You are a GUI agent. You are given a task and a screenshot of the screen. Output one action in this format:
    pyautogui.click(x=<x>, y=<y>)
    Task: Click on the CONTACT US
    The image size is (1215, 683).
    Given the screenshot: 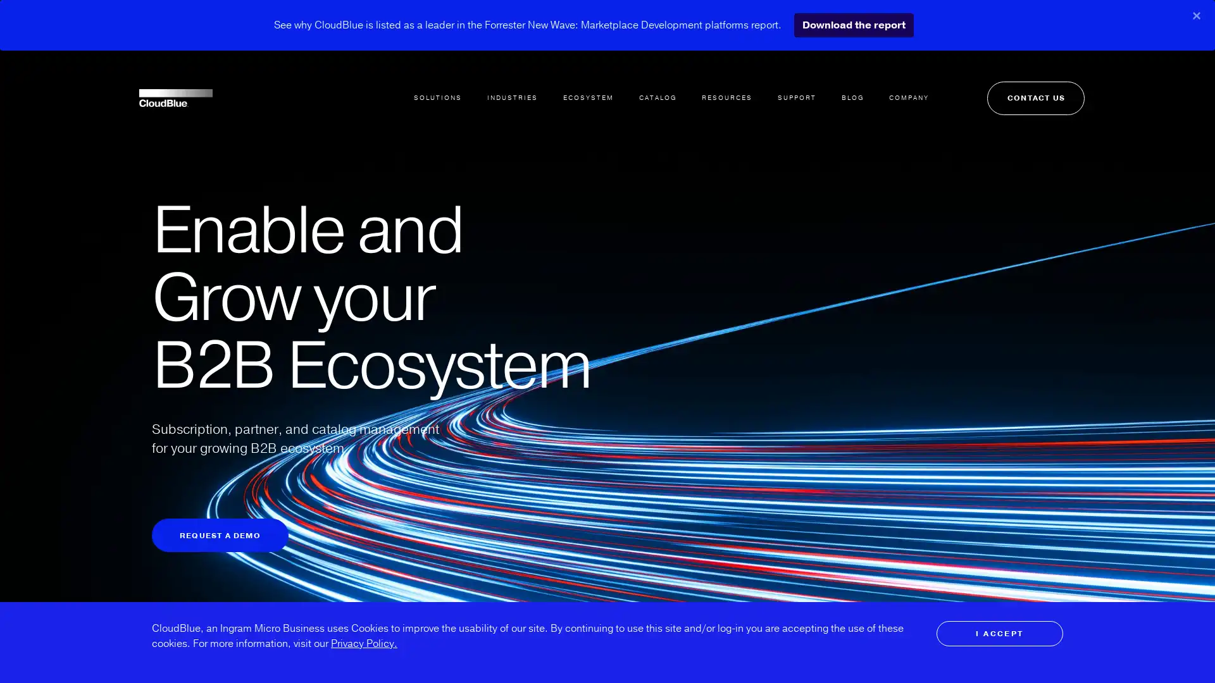 What is the action you would take?
    pyautogui.click(x=1014, y=81)
    